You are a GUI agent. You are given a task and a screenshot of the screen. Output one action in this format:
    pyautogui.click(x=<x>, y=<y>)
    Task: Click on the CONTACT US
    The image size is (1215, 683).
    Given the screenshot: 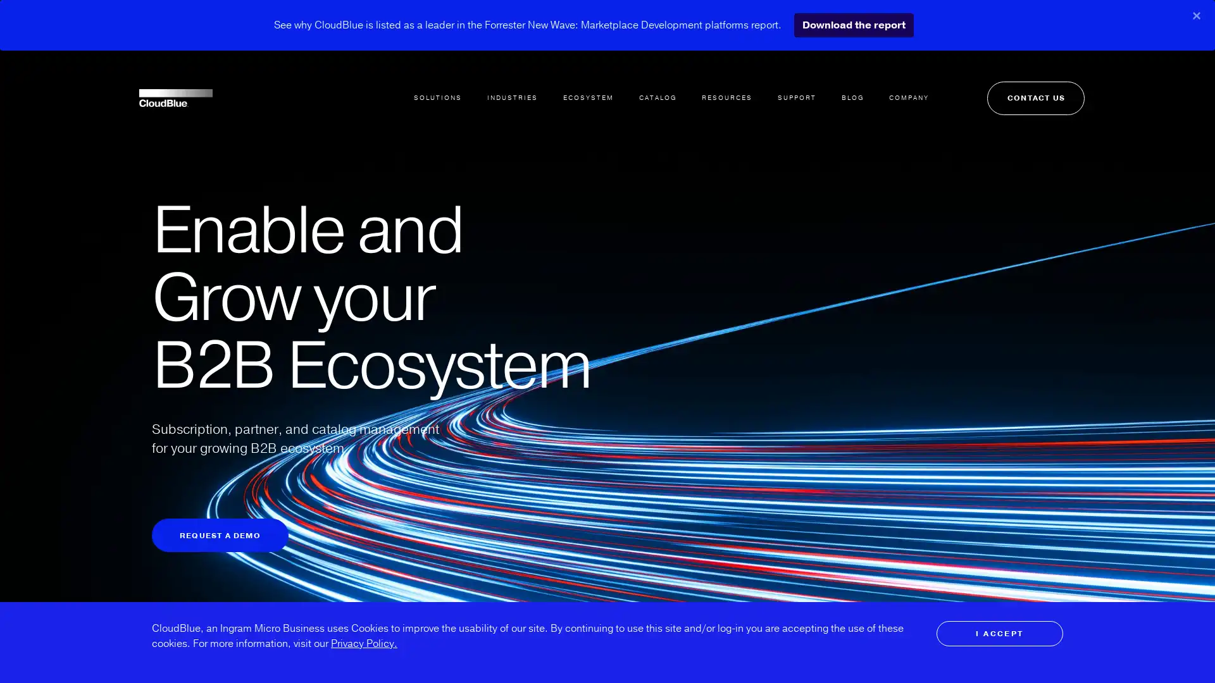 What is the action you would take?
    pyautogui.click(x=1014, y=81)
    